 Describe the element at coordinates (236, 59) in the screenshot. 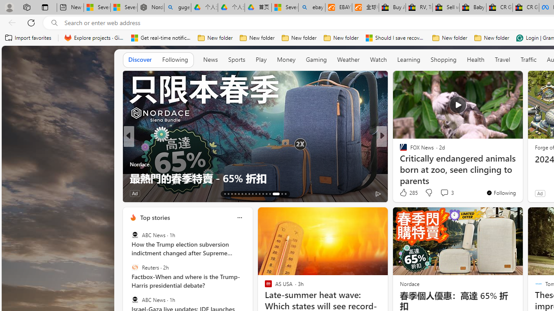

I see `'Sports'` at that location.